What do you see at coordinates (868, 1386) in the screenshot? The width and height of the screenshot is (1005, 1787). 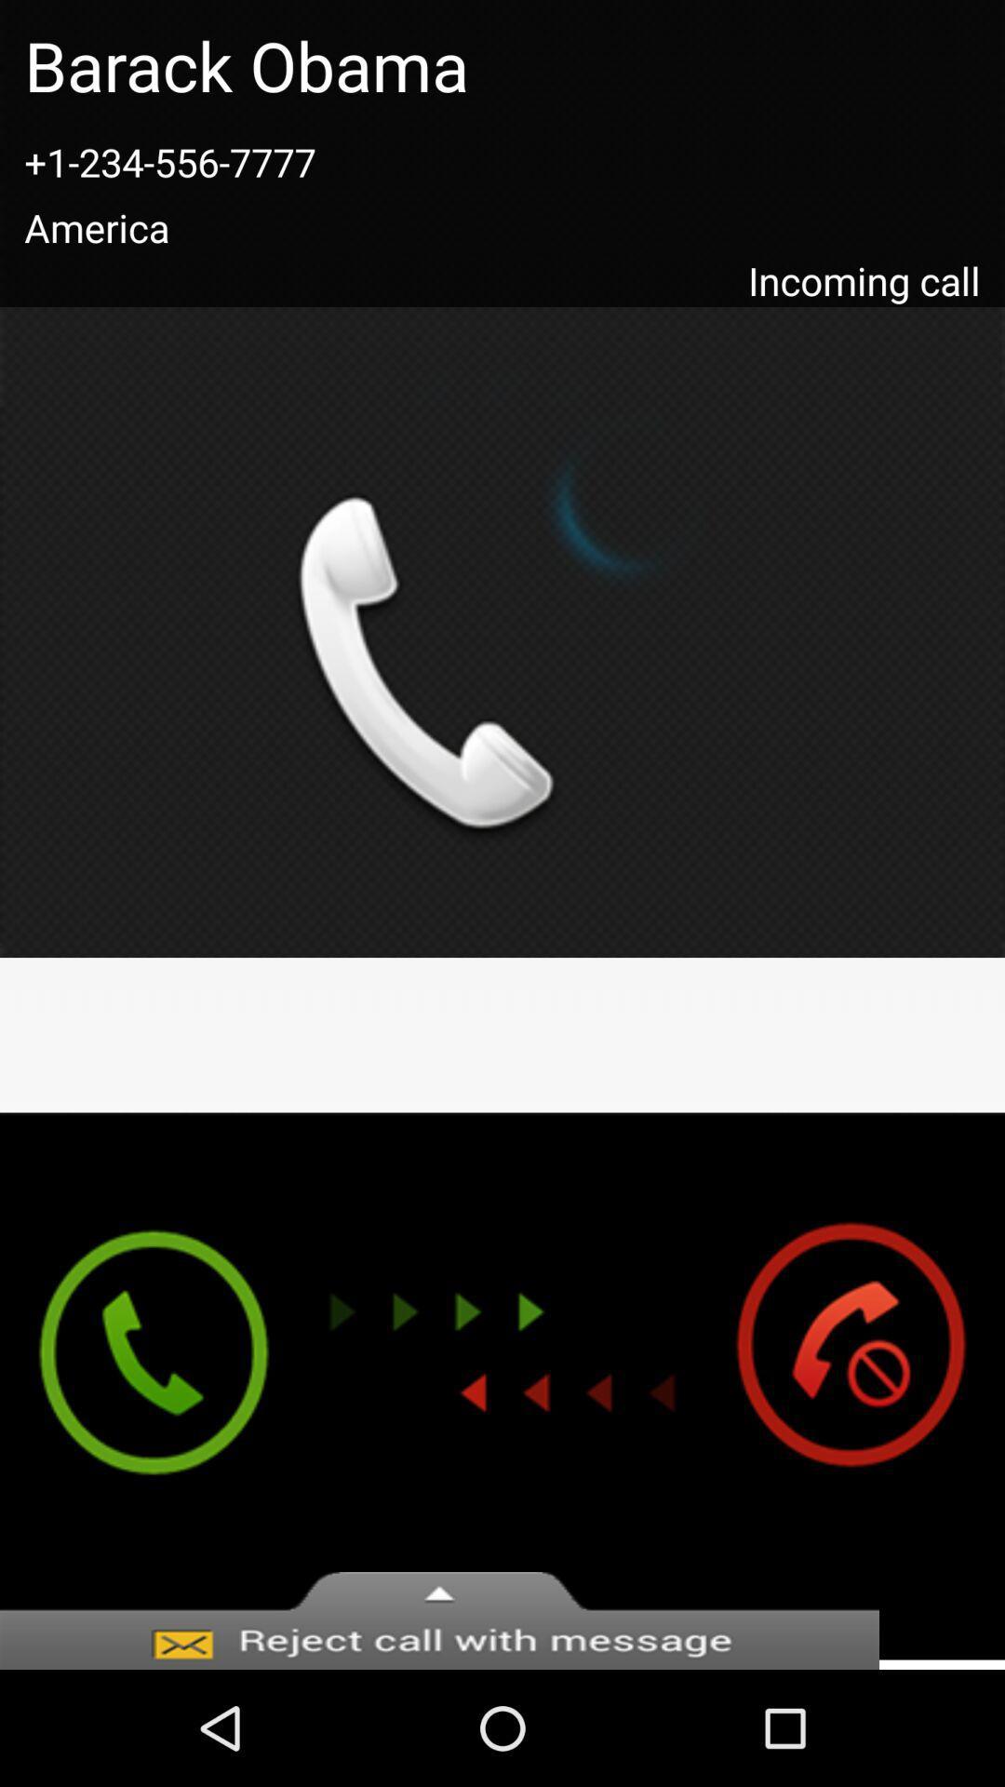 I see `ignore the incoming call` at bounding box center [868, 1386].